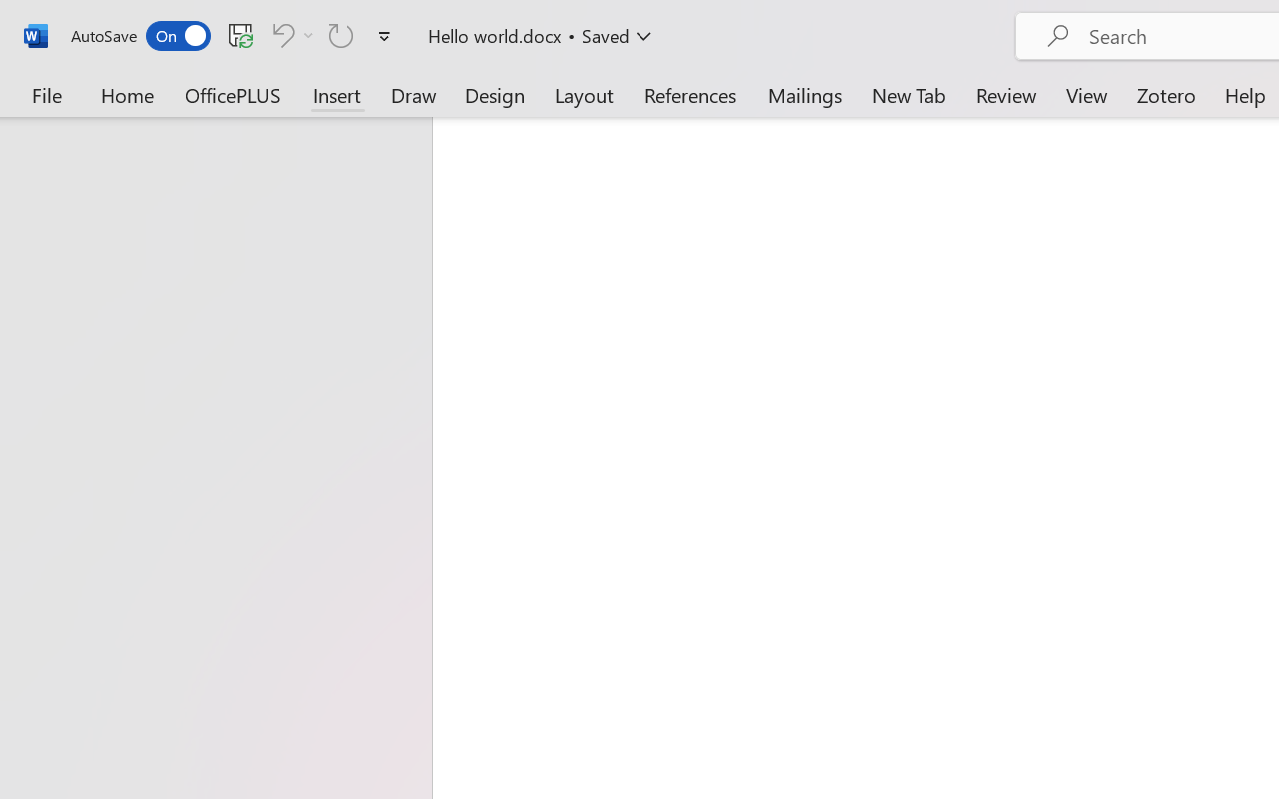 This screenshot has width=1279, height=799. What do you see at coordinates (233, 94) in the screenshot?
I see `'OfficePLUS'` at bounding box center [233, 94].